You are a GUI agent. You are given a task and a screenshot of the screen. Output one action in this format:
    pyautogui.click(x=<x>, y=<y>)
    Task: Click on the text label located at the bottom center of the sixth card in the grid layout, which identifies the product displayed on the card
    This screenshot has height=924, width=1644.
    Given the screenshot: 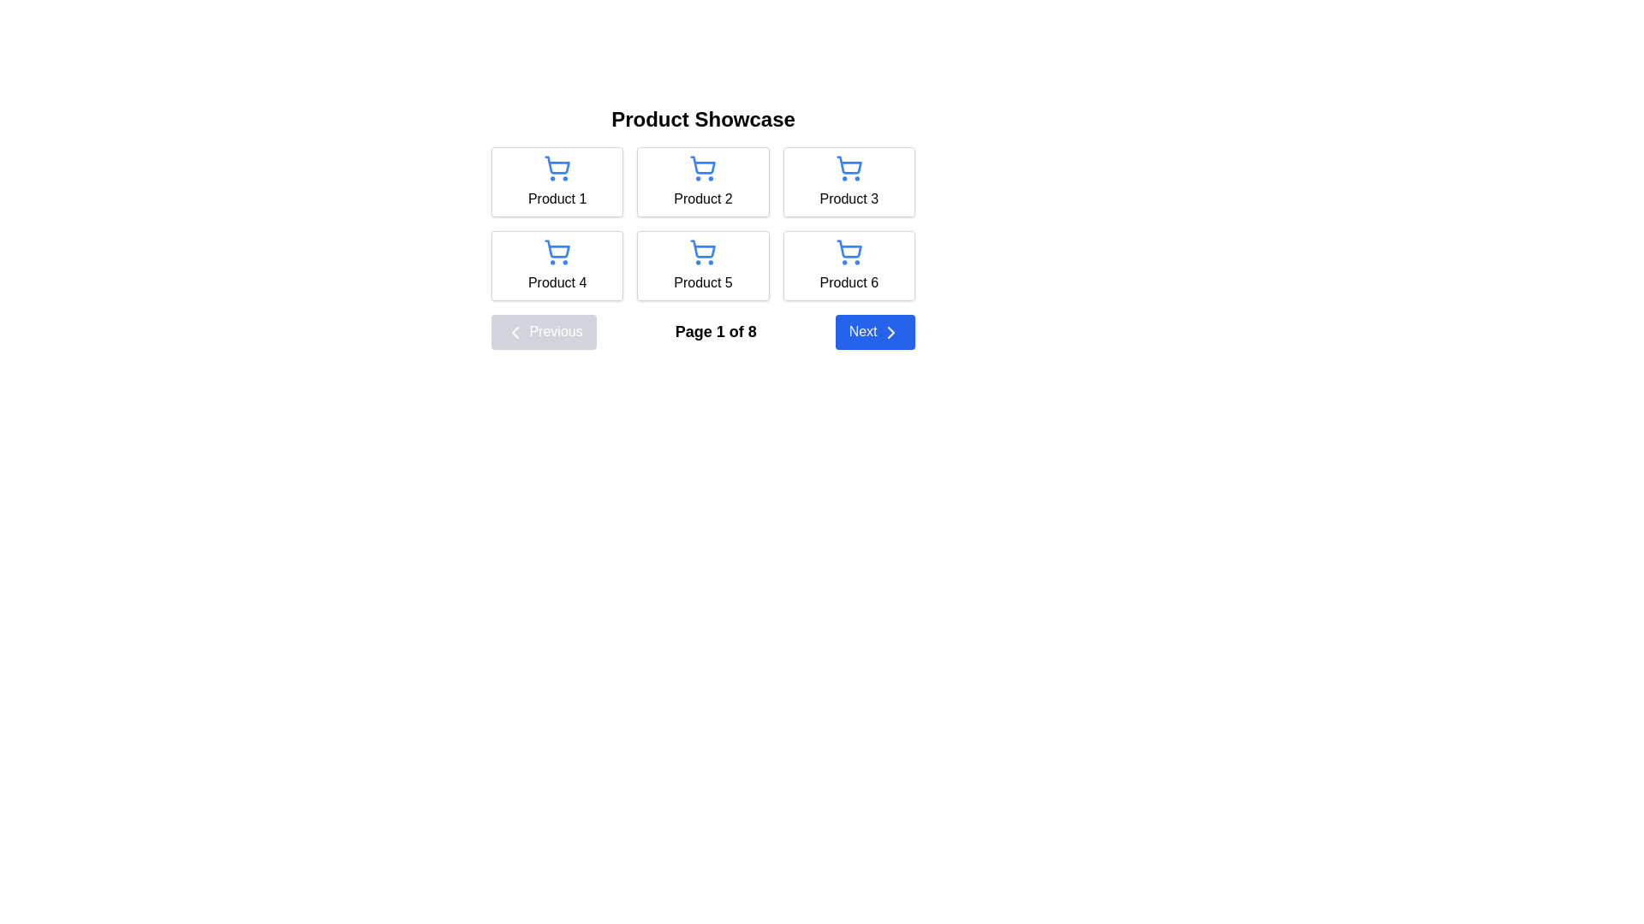 What is the action you would take?
    pyautogui.click(x=849, y=282)
    